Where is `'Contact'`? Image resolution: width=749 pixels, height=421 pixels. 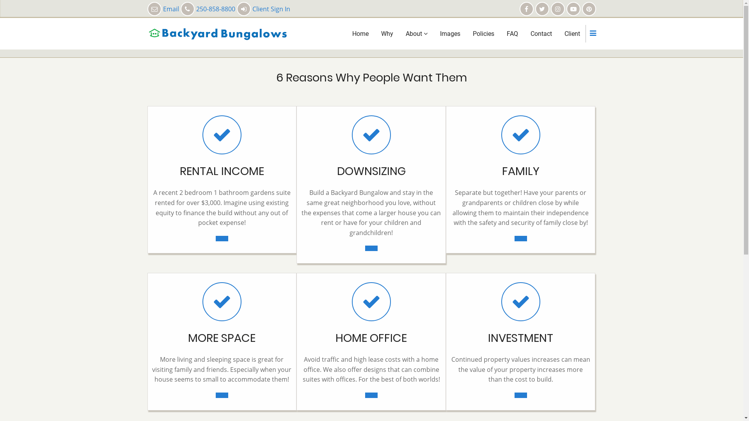
'Contact' is located at coordinates (541, 34).